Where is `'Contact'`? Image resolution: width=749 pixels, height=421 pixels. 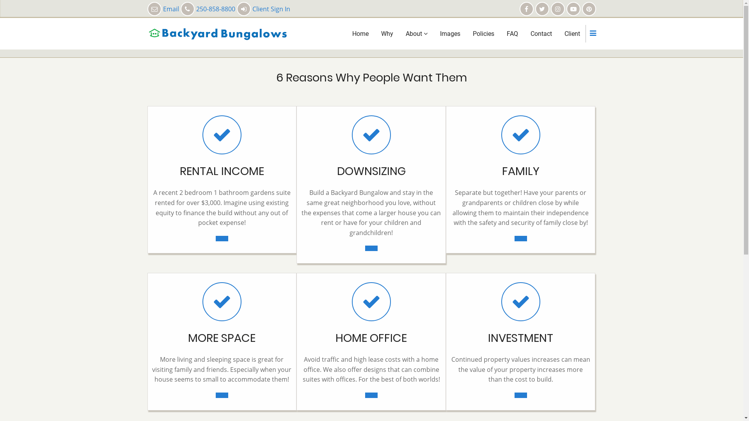
'Contact' is located at coordinates (541, 34).